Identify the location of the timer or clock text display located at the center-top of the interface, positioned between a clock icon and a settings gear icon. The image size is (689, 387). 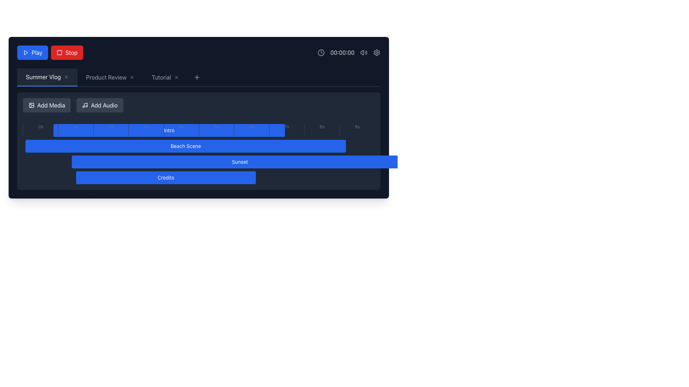
(342, 52).